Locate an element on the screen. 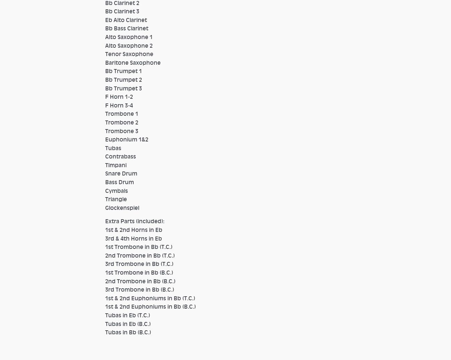 This screenshot has height=360, width=451. 'Baritone Saxophone' is located at coordinates (135, 62).